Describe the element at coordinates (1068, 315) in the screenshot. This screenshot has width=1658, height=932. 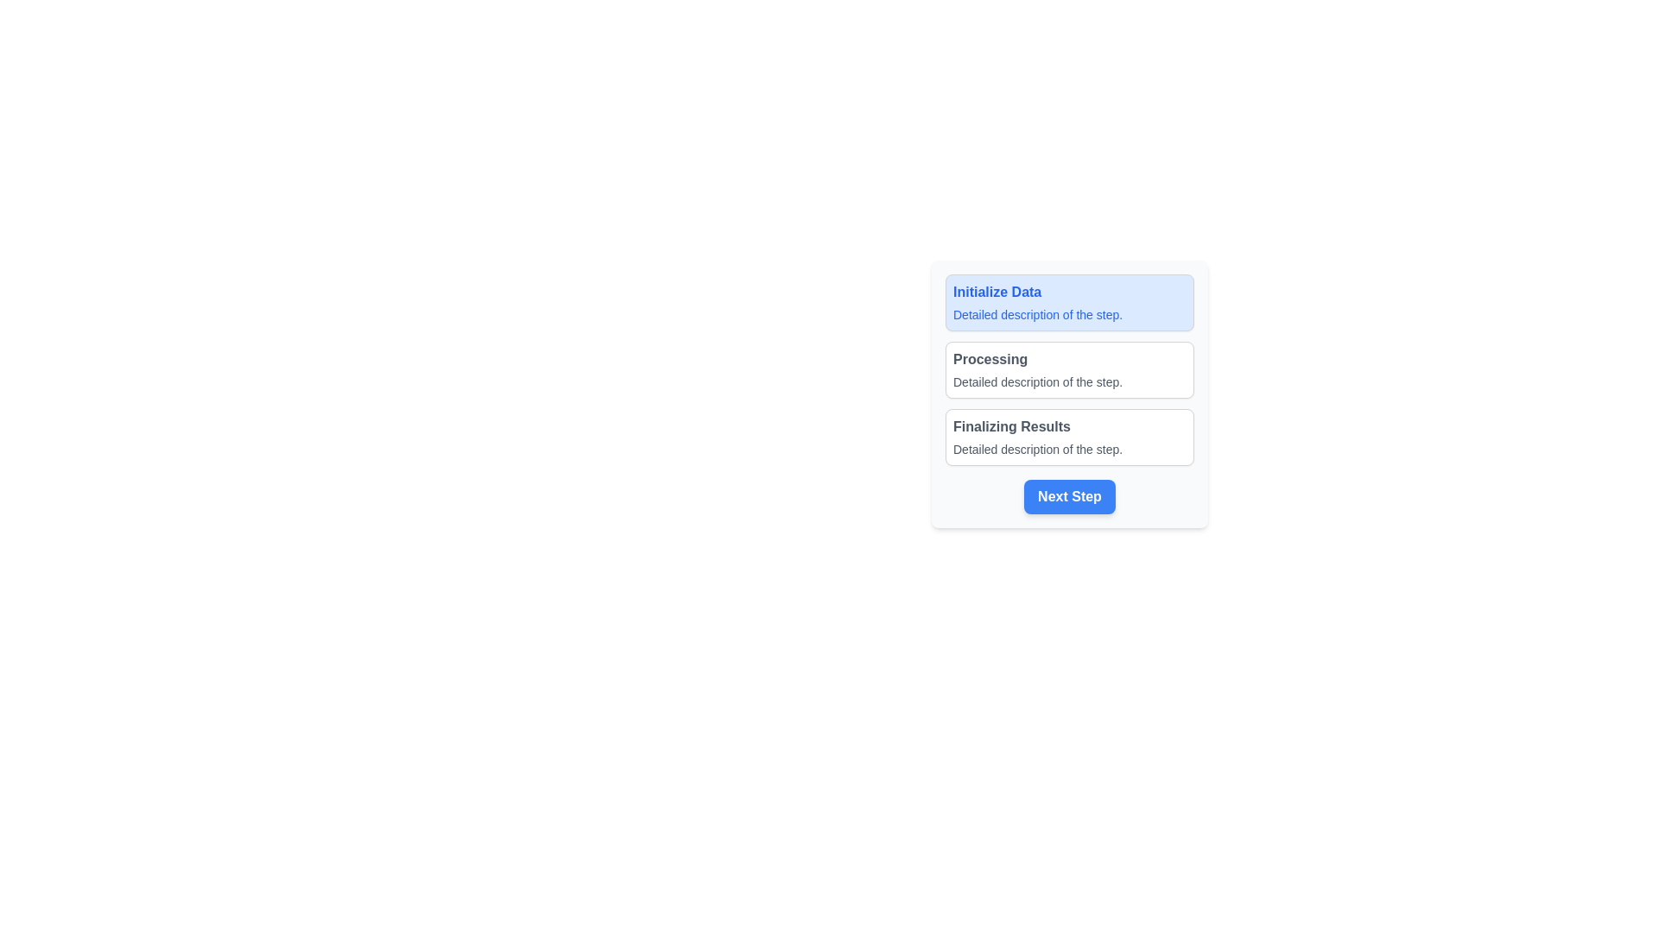
I see `descriptive text element located below the bold title 'Initialize Data' in the UI` at that location.